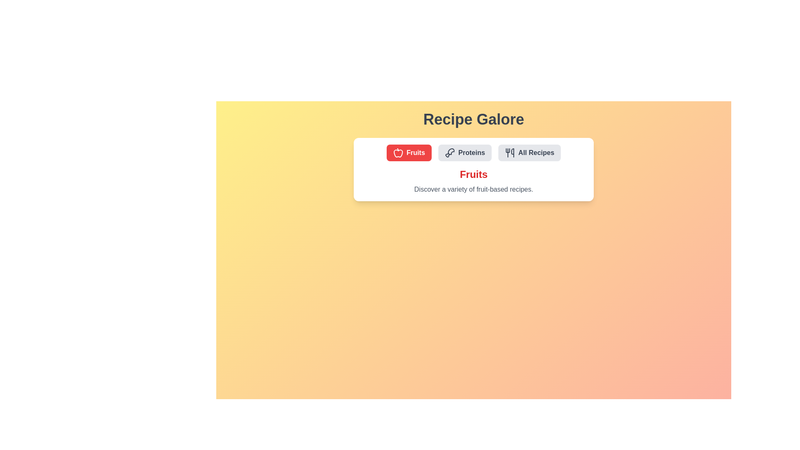 The width and height of the screenshot is (800, 450). I want to click on the button labeled Fruits to observe the hover effect, so click(409, 152).